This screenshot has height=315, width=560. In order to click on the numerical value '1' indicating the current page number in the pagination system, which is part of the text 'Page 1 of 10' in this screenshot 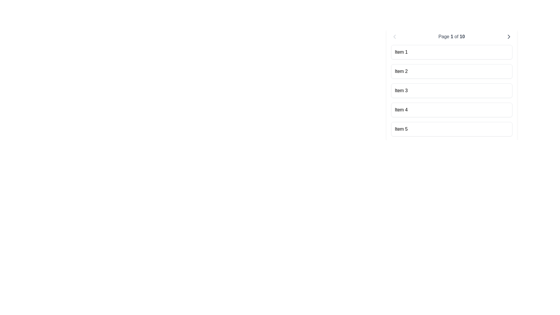, I will do `click(452, 36)`.